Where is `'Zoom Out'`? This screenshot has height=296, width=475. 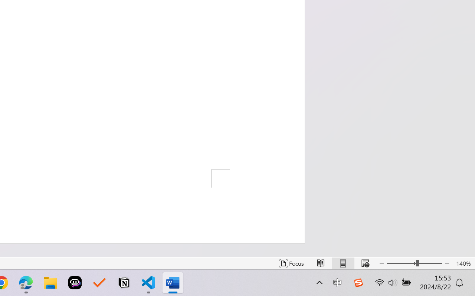 'Zoom Out' is located at coordinates (401, 263).